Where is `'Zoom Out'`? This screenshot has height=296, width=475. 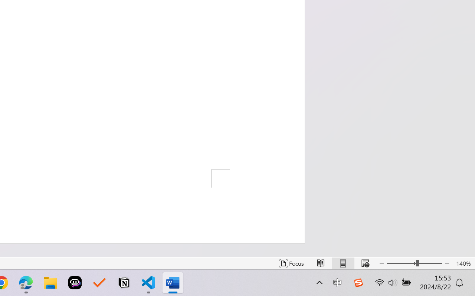 'Zoom Out' is located at coordinates (401, 263).